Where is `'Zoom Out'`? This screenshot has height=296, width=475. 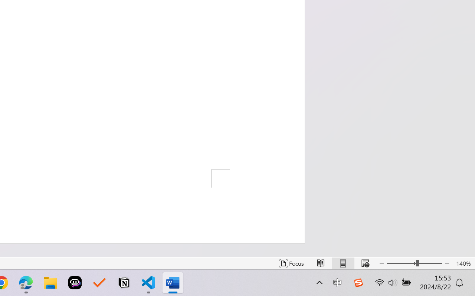 'Zoom Out' is located at coordinates (401, 263).